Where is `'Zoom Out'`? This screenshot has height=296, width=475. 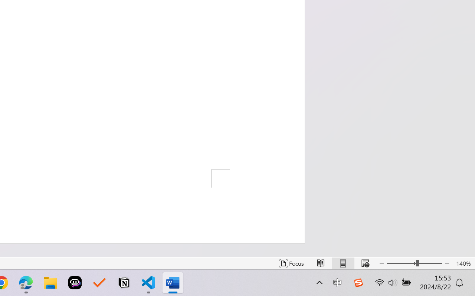 'Zoom Out' is located at coordinates (401, 263).